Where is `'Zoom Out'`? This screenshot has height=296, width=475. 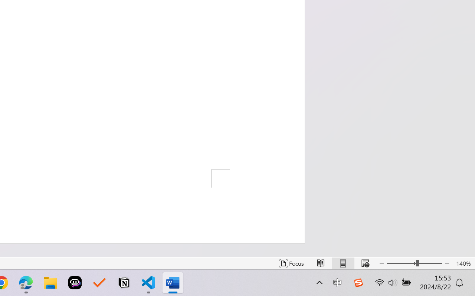 'Zoom Out' is located at coordinates (401, 263).